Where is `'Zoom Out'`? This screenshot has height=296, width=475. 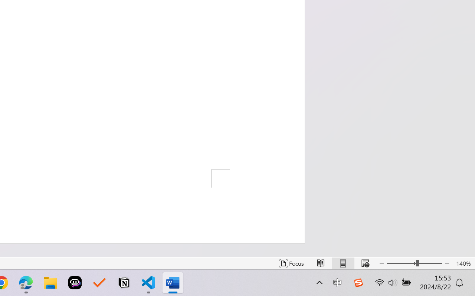 'Zoom Out' is located at coordinates (401, 263).